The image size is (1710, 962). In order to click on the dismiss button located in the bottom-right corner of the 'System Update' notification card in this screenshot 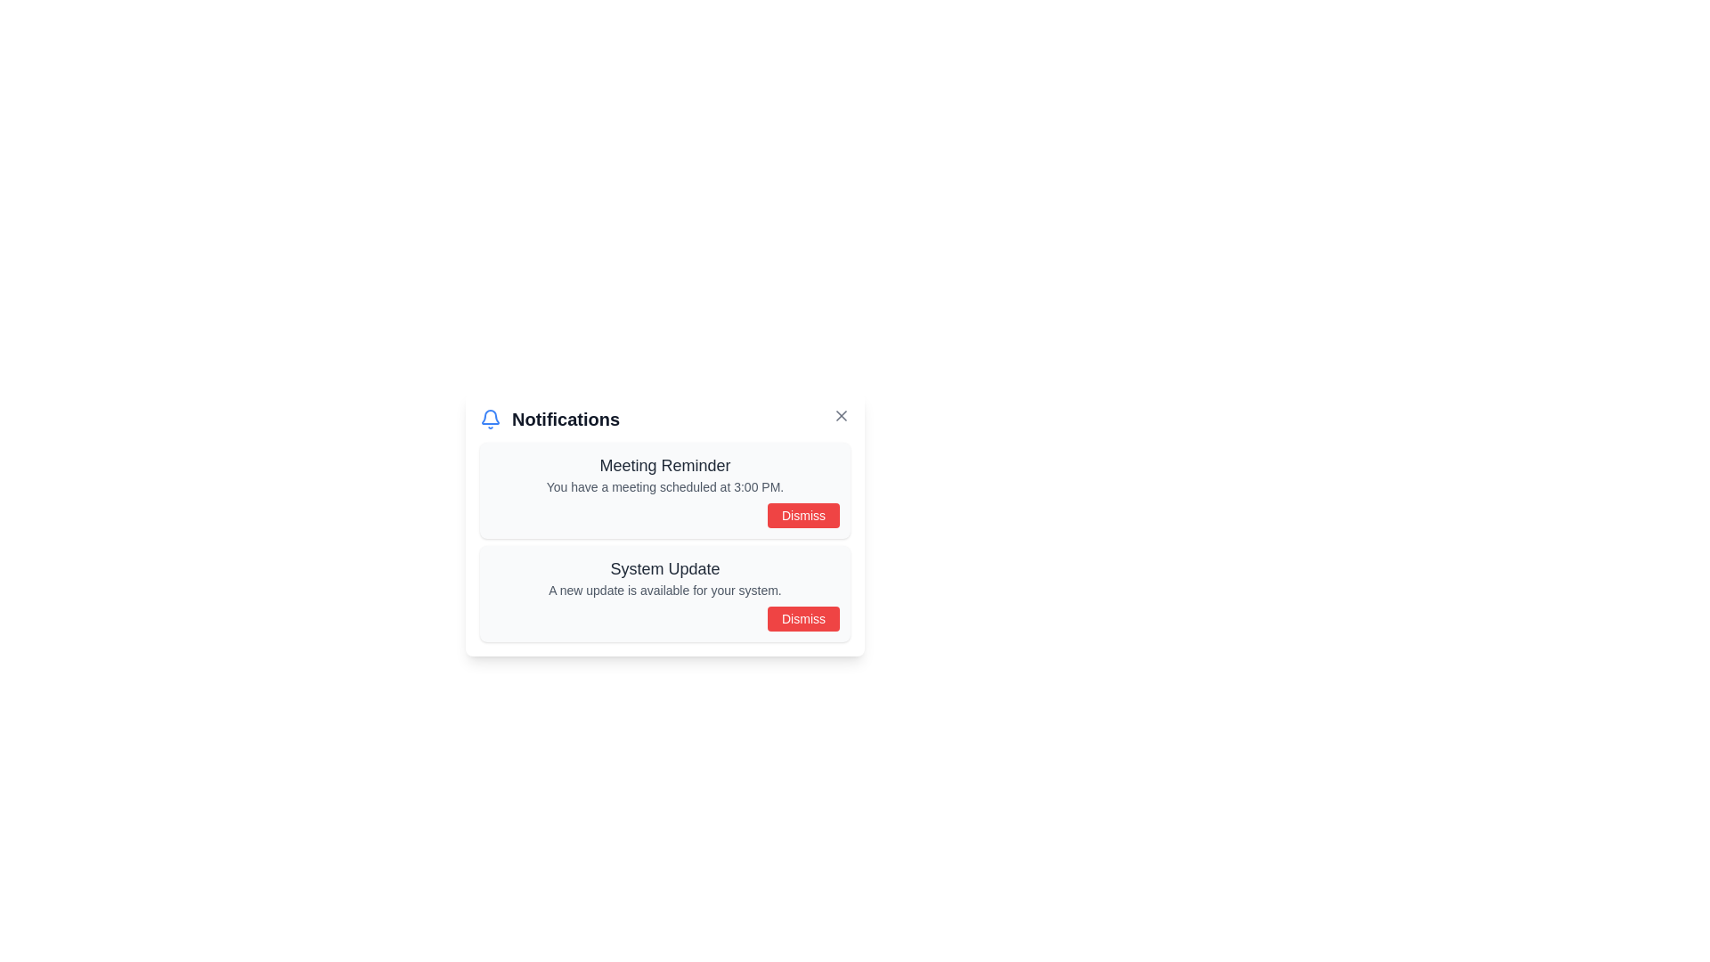, I will do `click(664, 617)`.